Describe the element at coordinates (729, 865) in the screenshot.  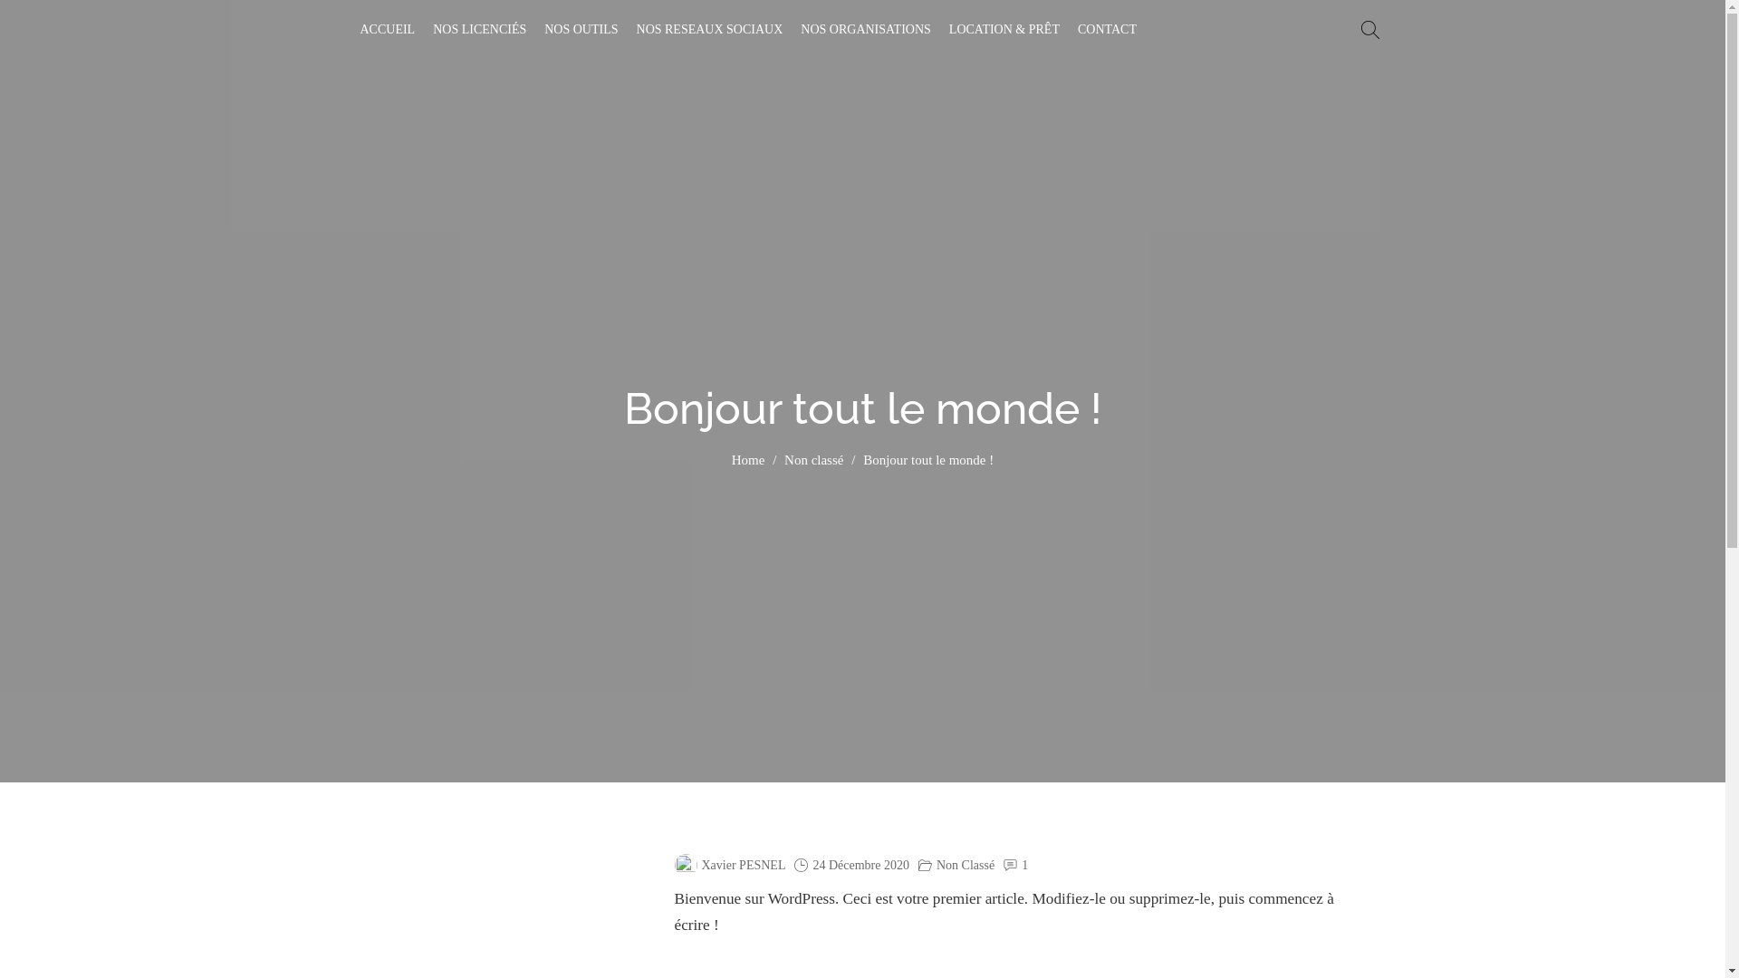
I see `'Xavier PESNEL'` at that location.